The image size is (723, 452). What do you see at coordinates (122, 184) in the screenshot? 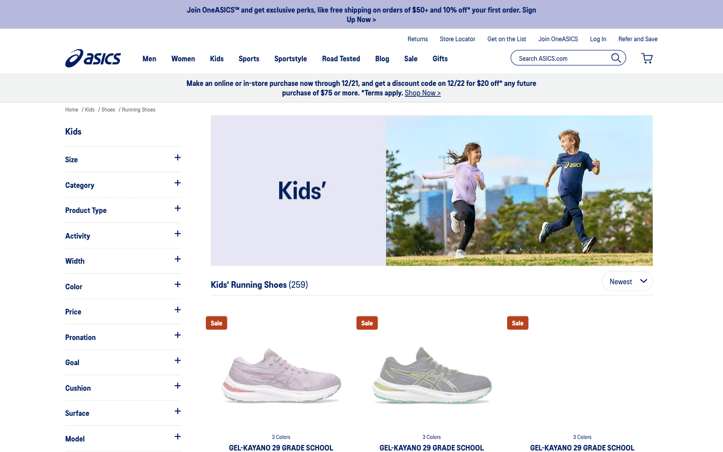
I see `See different categories they have, but changed my mind to go back to searching for my husband"s shoes` at bounding box center [122, 184].